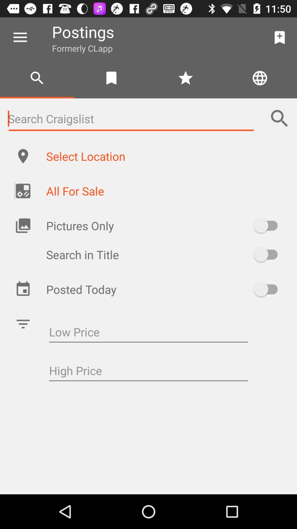  I want to click on on, so click(268, 254).